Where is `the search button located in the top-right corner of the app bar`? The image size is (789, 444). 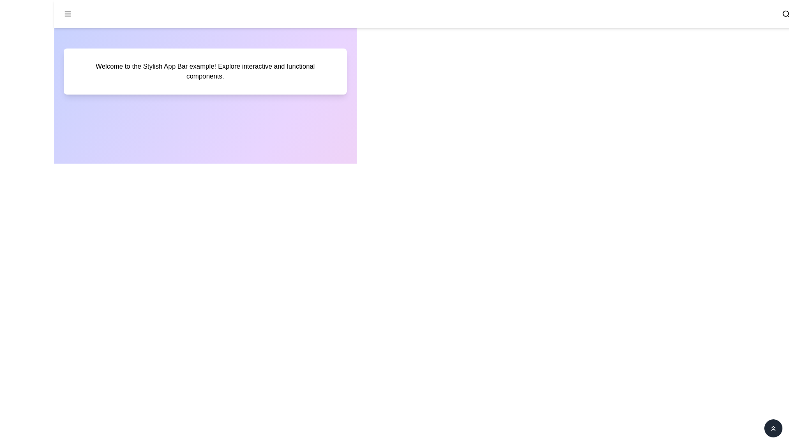
the search button located in the top-right corner of the app bar is located at coordinates (786, 14).